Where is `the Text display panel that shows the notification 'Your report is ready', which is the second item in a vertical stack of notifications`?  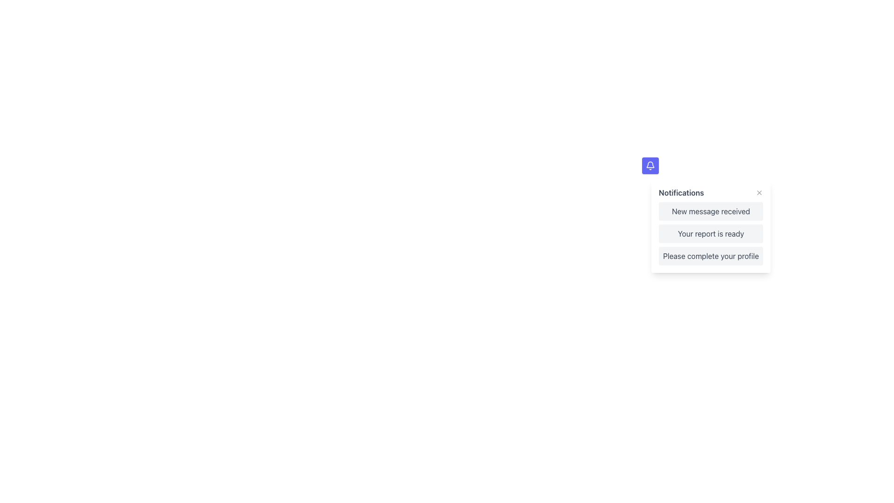 the Text display panel that shows the notification 'Your report is ready', which is the second item in a vertical stack of notifications is located at coordinates (710, 233).